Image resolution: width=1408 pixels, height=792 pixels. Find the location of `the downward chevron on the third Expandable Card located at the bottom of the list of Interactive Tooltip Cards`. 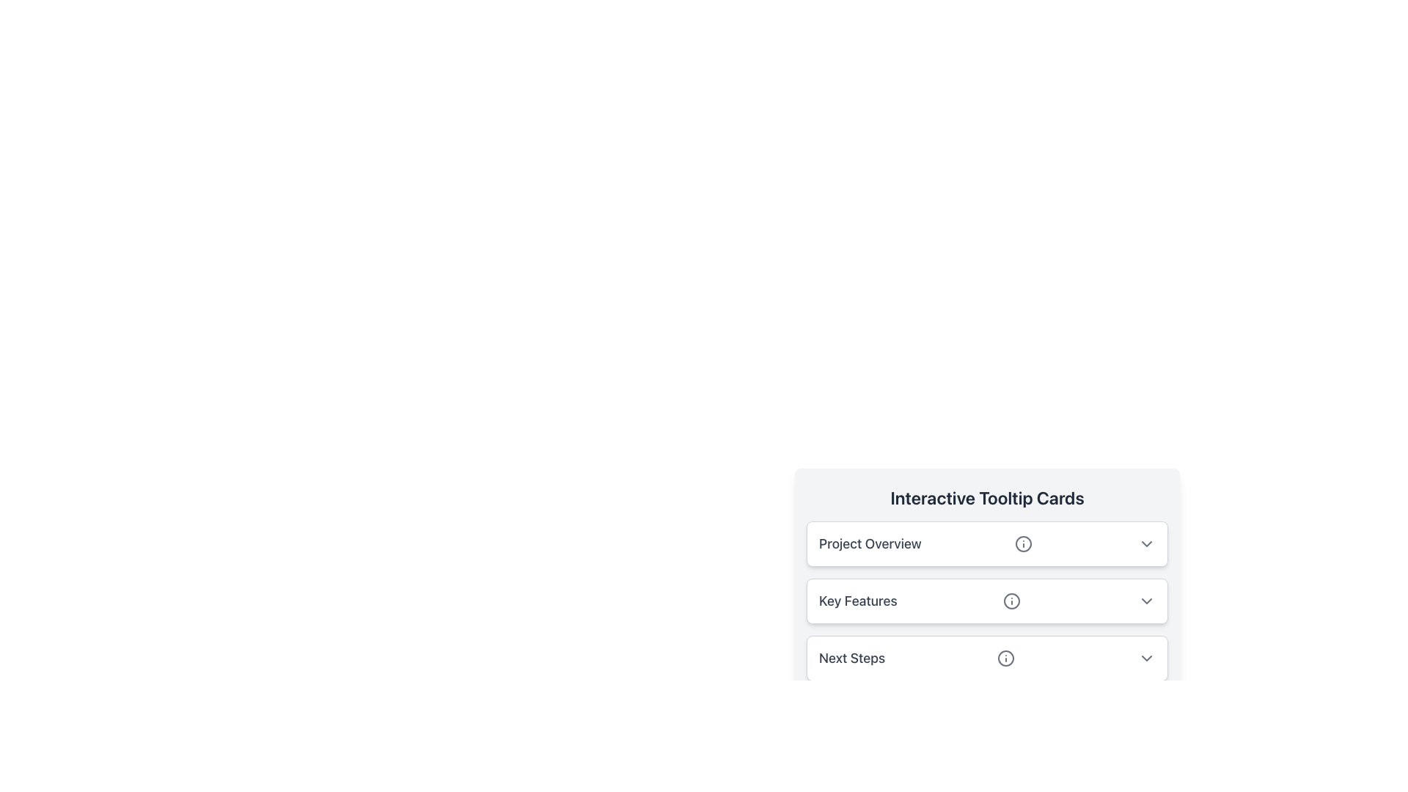

the downward chevron on the third Expandable Card located at the bottom of the list of Interactive Tooltip Cards is located at coordinates (987, 658).